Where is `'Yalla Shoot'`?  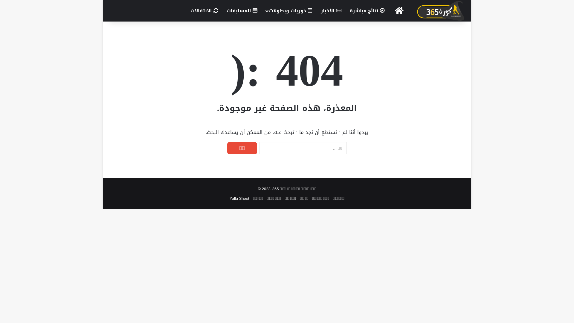
'Yalla Shoot' is located at coordinates (229, 198).